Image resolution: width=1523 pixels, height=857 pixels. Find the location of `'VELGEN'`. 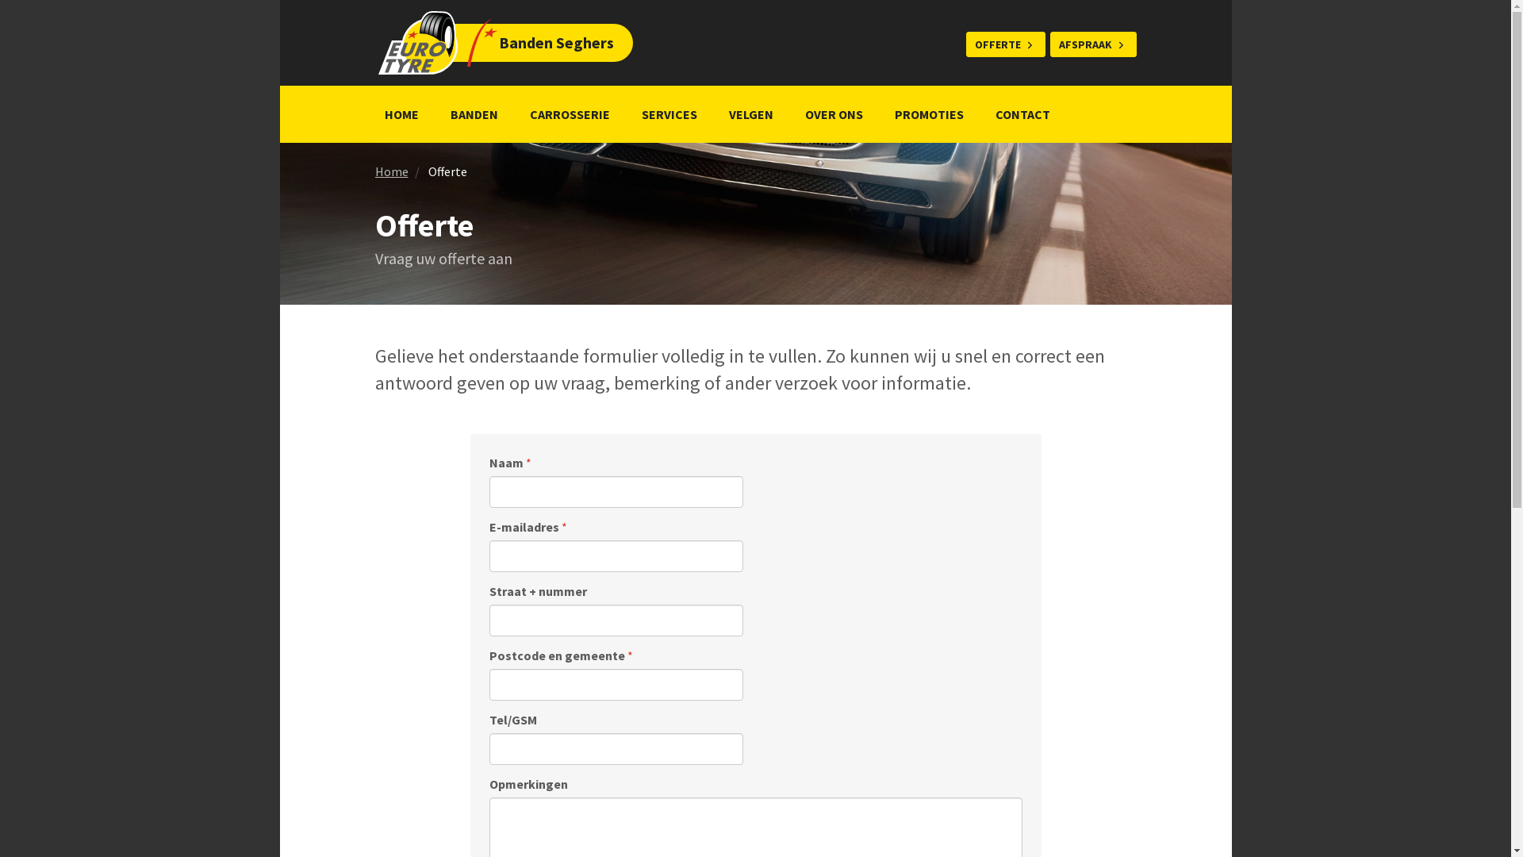

'VELGEN' is located at coordinates (749, 113).